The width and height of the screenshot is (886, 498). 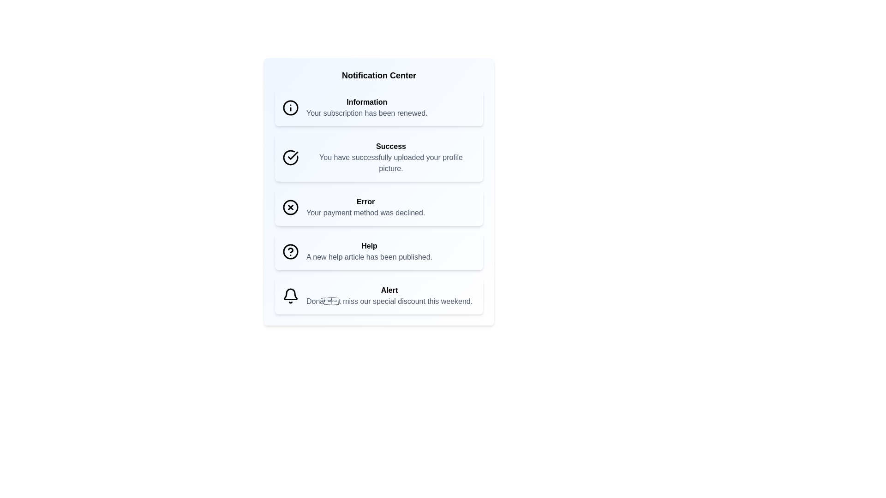 What do you see at coordinates (290, 207) in the screenshot?
I see `the notification icon for Error` at bounding box center [290, 207].